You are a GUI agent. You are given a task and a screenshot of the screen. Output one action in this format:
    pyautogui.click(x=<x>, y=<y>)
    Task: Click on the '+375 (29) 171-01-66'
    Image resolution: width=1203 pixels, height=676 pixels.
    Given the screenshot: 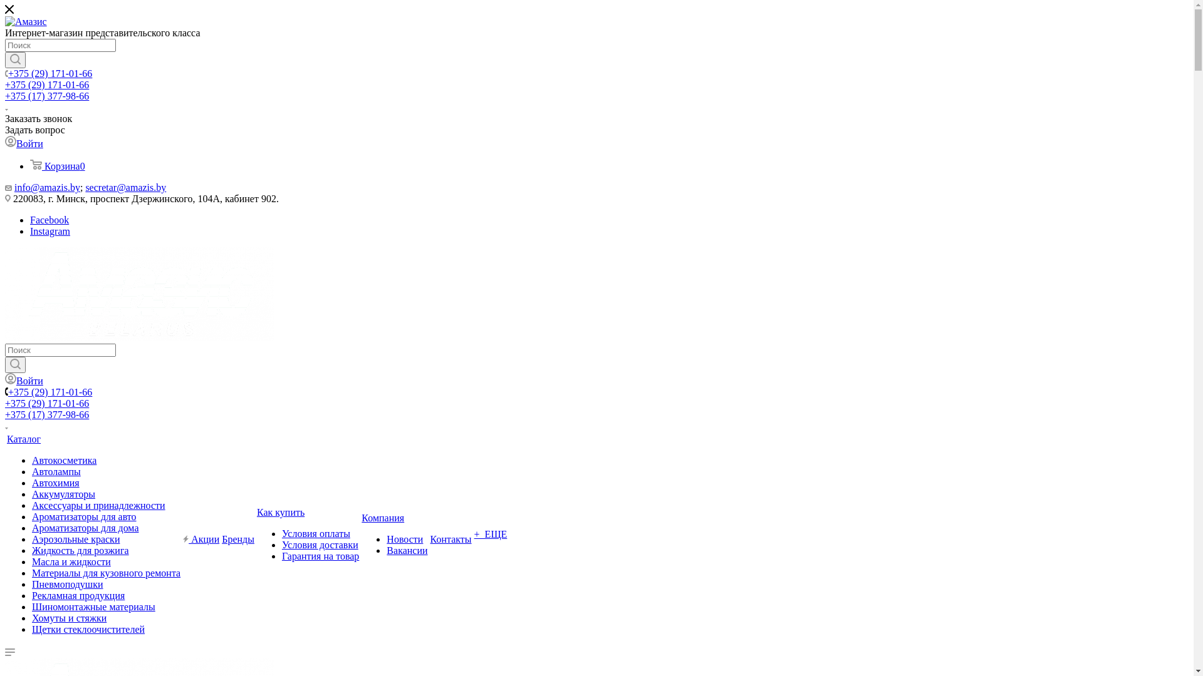 What is the action you would take?
    pyautogui.click(x=8, y=73)
    